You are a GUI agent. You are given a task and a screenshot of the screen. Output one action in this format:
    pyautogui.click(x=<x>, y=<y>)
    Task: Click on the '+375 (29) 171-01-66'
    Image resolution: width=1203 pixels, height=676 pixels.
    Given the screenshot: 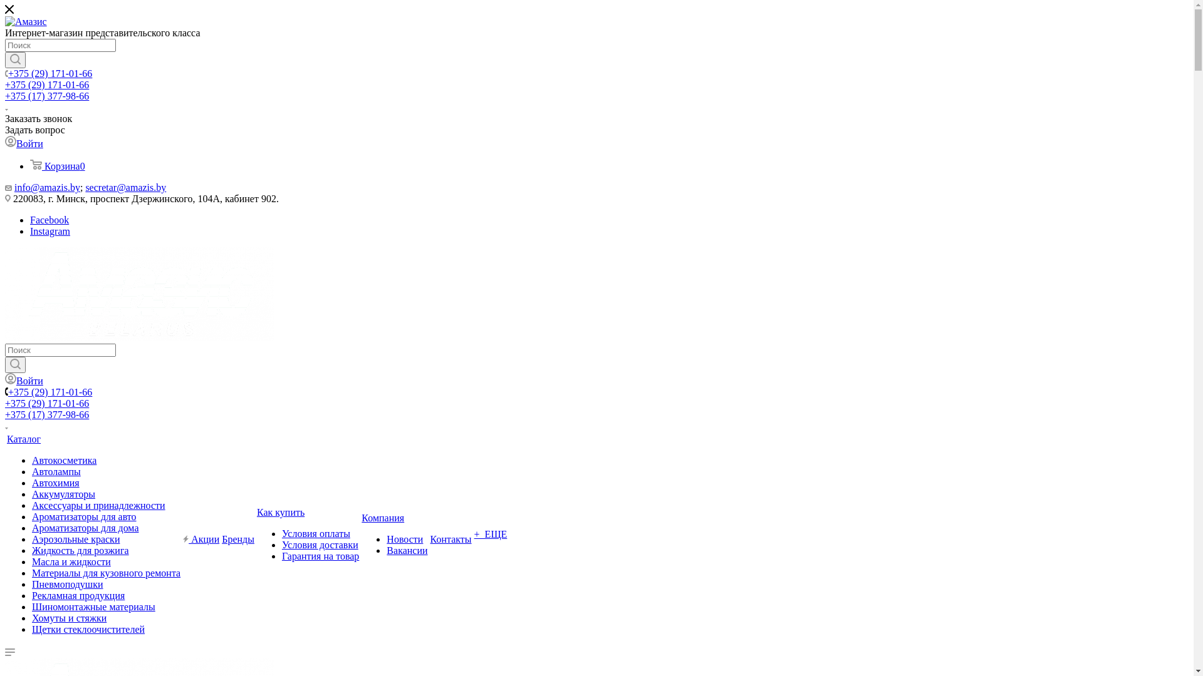 What is the action you would take?
    pyautogui.click(x=8, y=73)
    